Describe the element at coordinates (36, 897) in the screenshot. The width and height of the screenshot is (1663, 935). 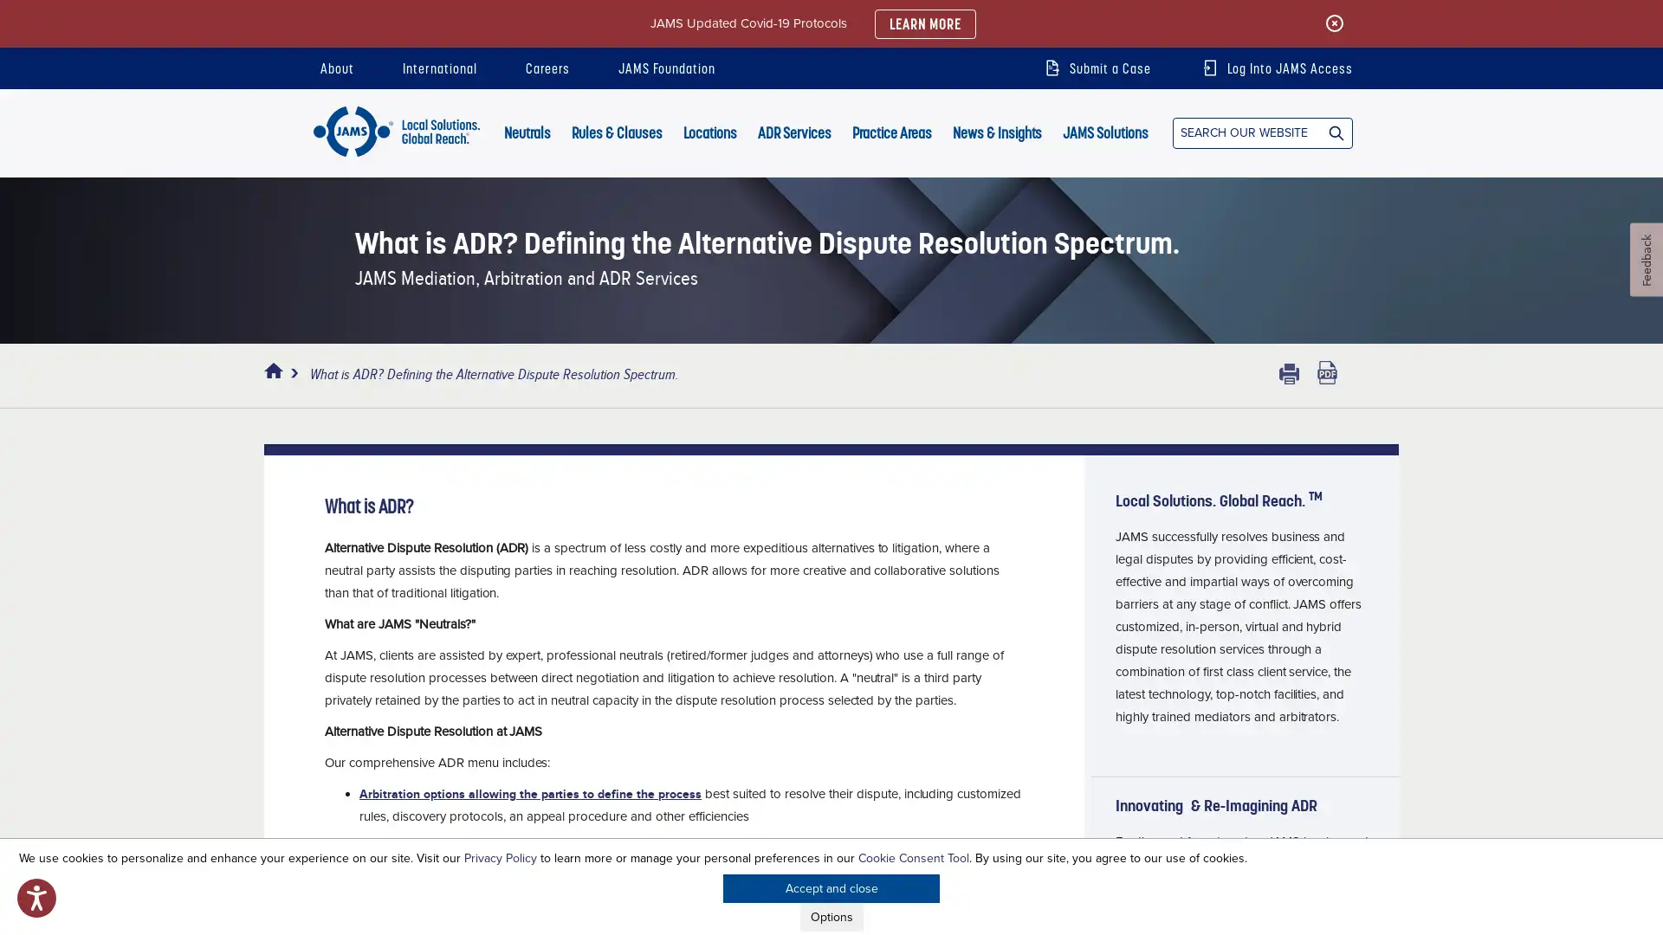
I see `Open accessibility options, statement and help` at that location.